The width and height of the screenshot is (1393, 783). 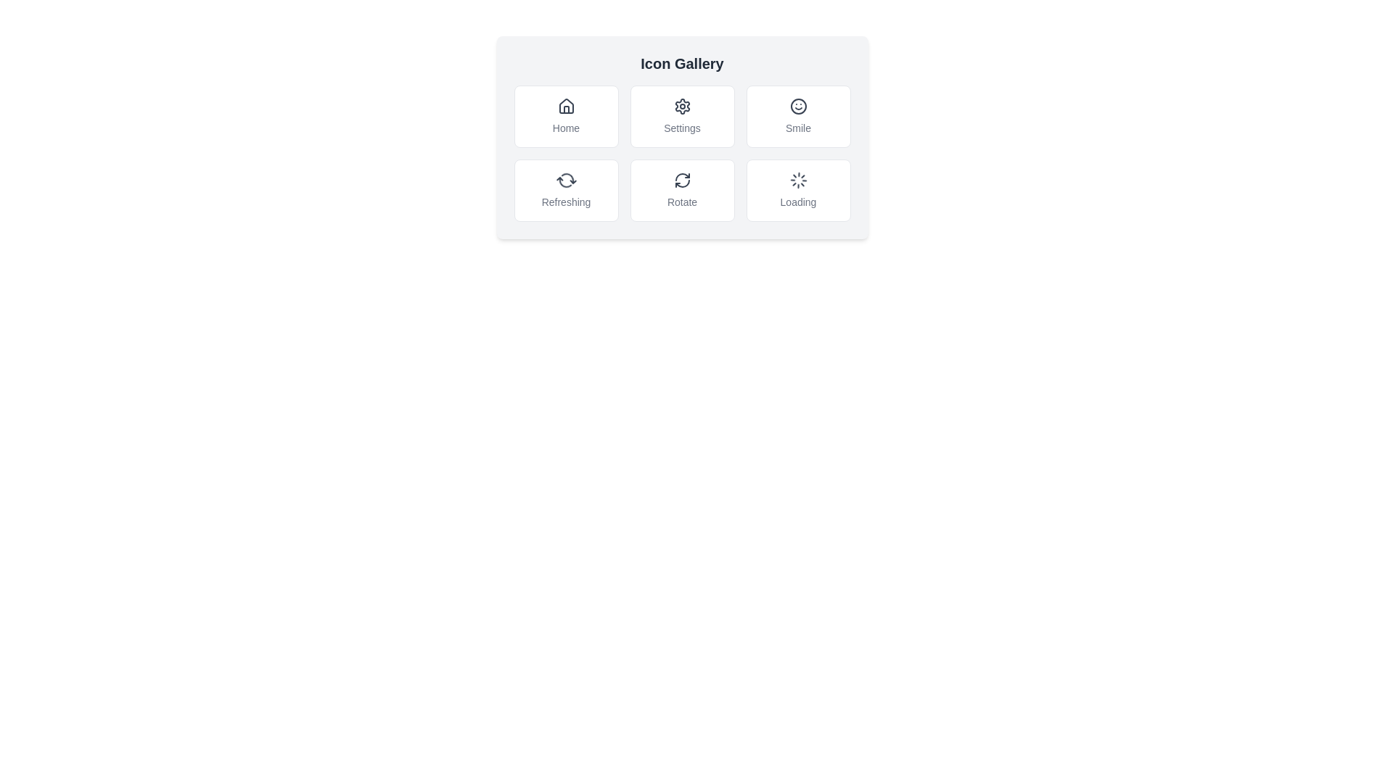 What do you see at coordinates (681, 202) in the screenshot?
I see `the descriptive text label located at the bottom center of the bordered card in the second row, second column, which provides context for the rotation icon above it` at bounding box center [681, 202].